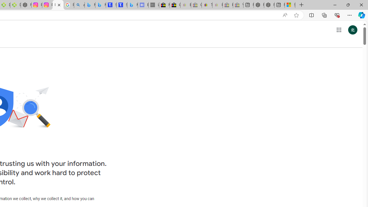 The image size is (368, 207). Describe the element at coordinates (238, 5) in the screenshot. I see `'Yard, Garden & Outdoor Living - Sleeping'` at that location.